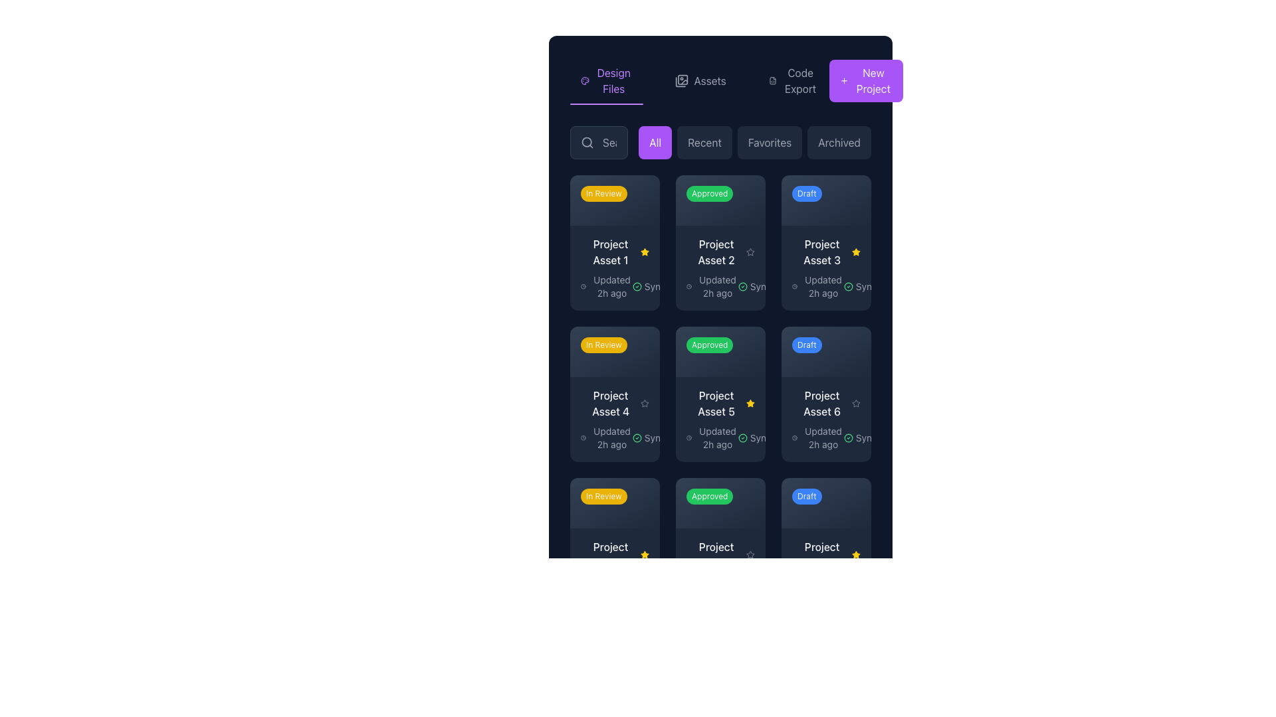  Describe the element at coordinates (817, 438) in the screenshot. I see `information displayed in the text label that shows 'Updated 2h ago', which is part of the metadata section for 'Project Asset 6'` at that location.